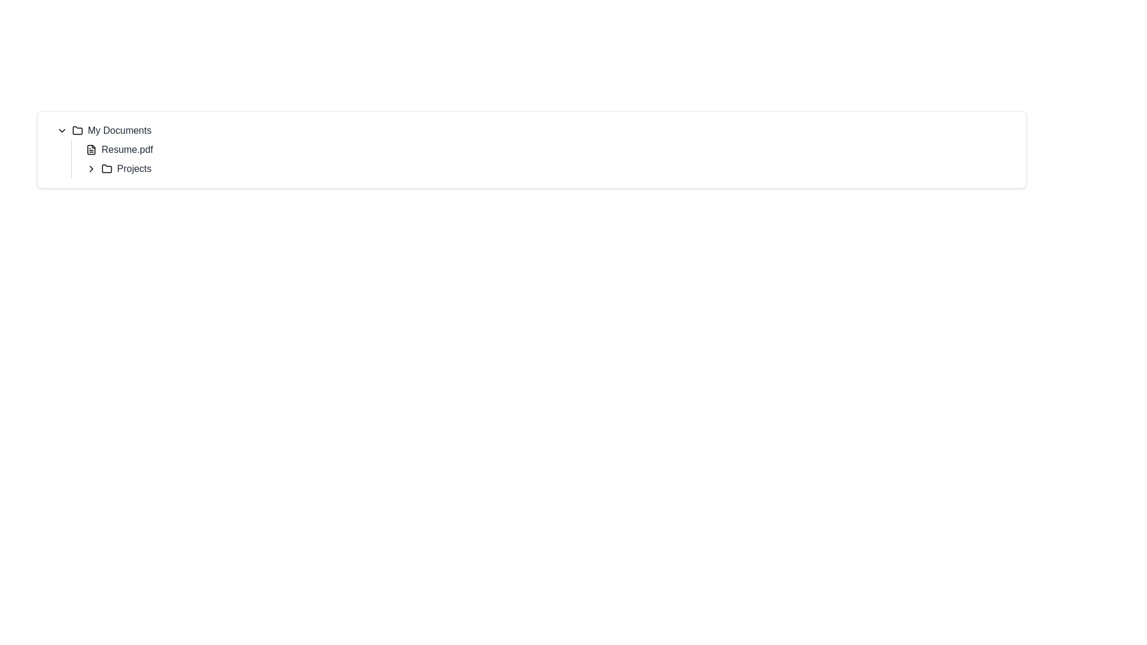 This screenshot has width=1147, height=645. What do you see at coordinates (76, 130) in the screenshot?
I see `the folder icon representing 'My Documents'` at bounding box center [76, 130].